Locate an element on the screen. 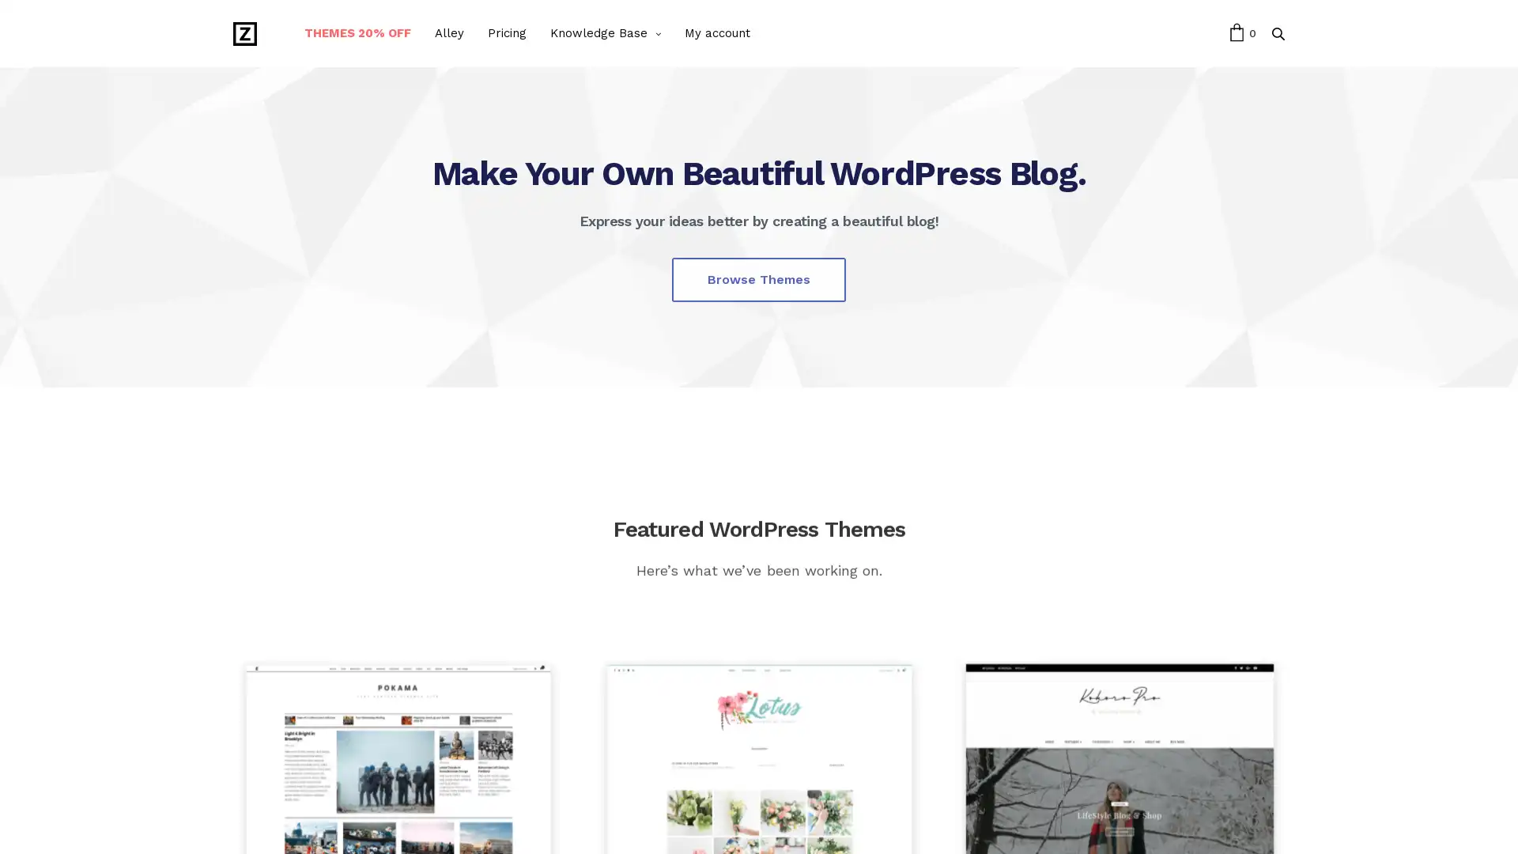  Browse Themes is located at coordinates (759, 278).